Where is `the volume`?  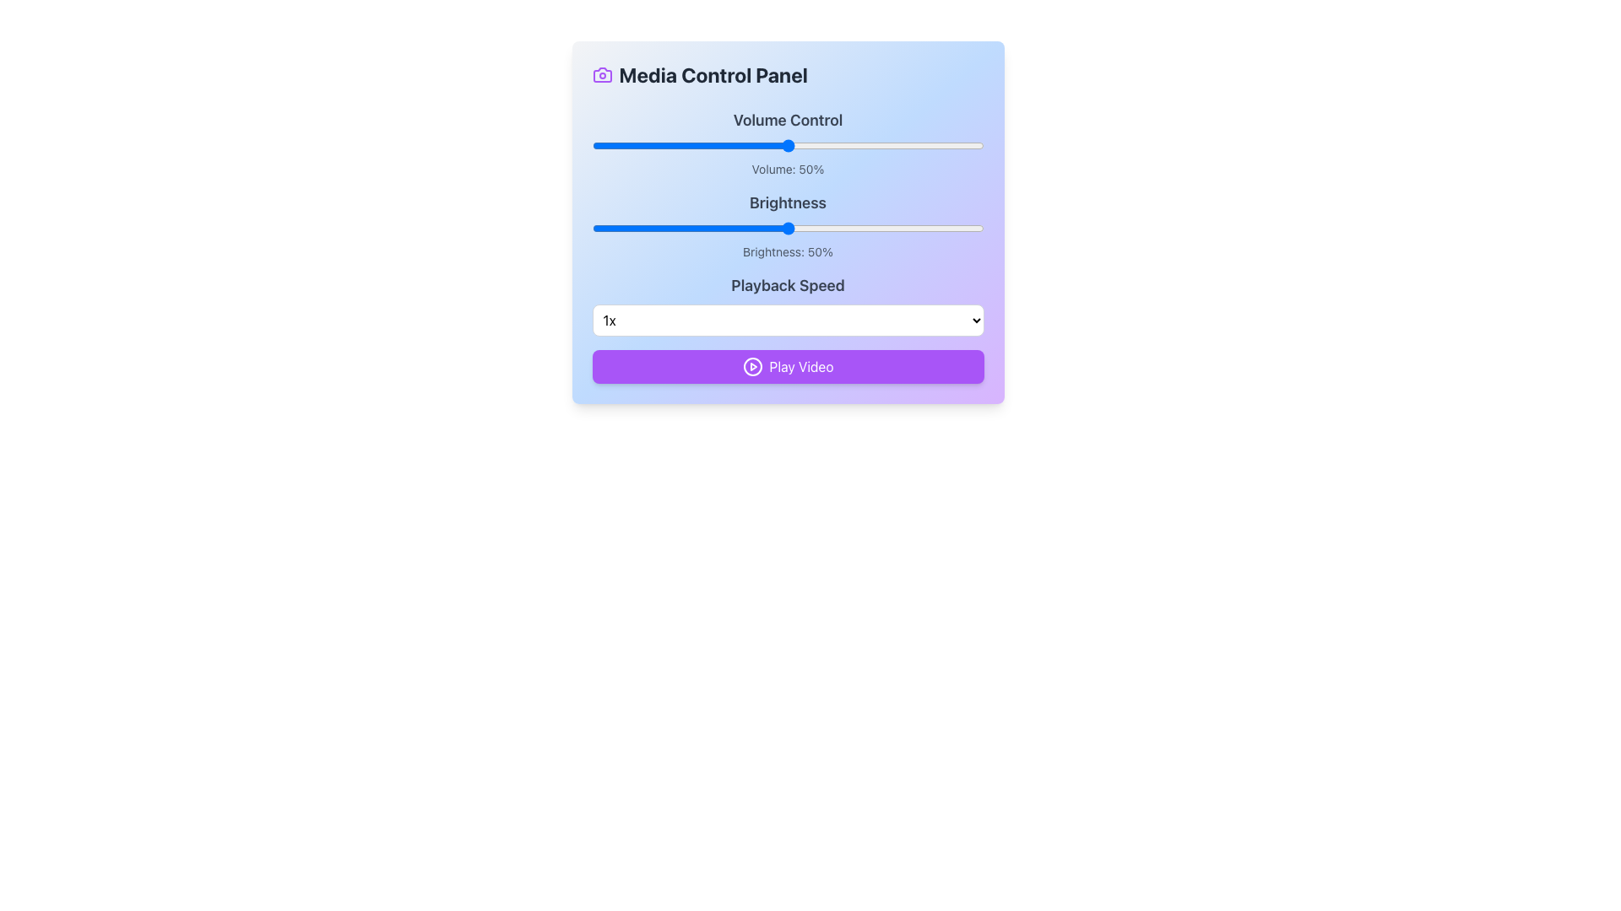 the volume is located at coordinates (630, 145).